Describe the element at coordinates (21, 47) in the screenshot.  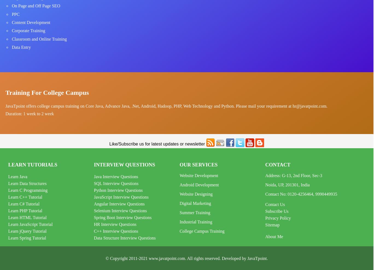
I see `'Data Entry'` at that location.